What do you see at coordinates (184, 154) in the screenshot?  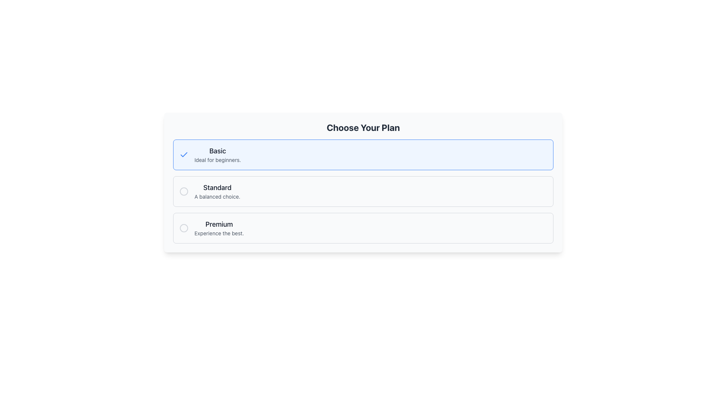 I see `the blue check mark icon located to the left of the 'Basic' plan option to verify its selection status` at bounding box center [184, 154].